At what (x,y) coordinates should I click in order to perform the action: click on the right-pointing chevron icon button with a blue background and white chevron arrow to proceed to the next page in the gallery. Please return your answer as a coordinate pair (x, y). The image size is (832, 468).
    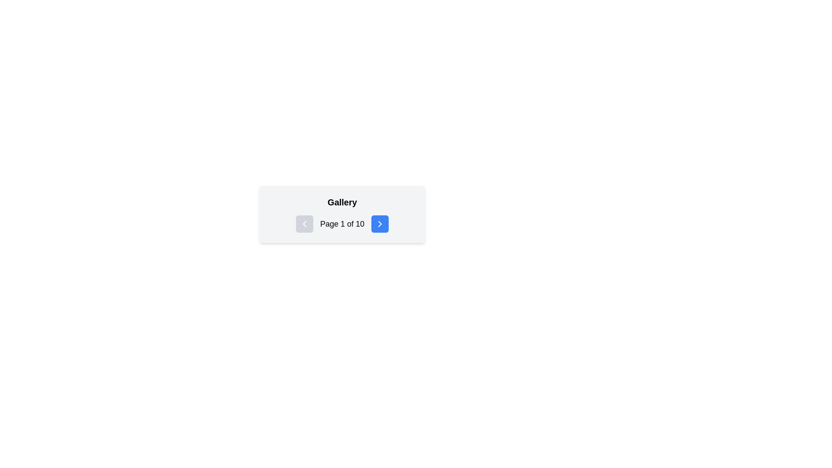
    Looking at the image, I should click on (380, 223).